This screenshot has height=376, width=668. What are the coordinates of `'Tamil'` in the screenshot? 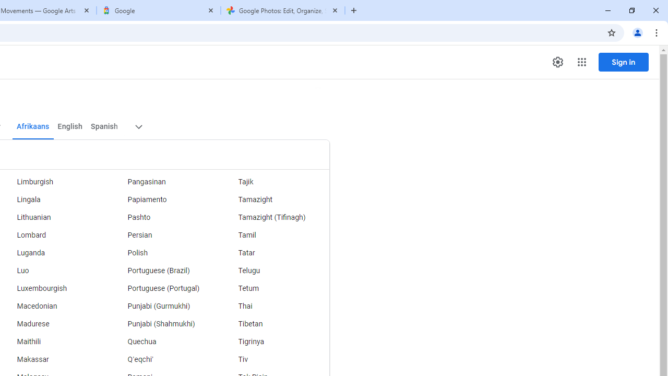 It's located at (274, 236).